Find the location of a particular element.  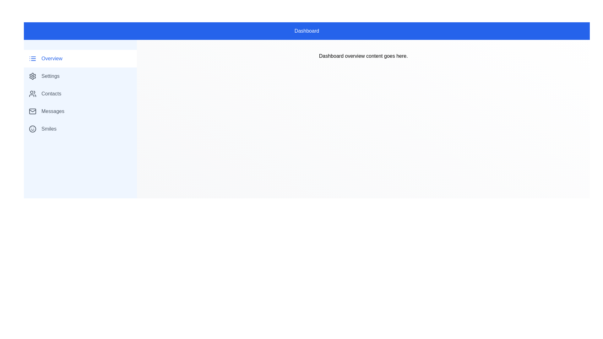

informational text located just below the top bar of the dashboard page, which serves as a placeholder indicating the contextual content or purpose is located at coordinates (363, 56).